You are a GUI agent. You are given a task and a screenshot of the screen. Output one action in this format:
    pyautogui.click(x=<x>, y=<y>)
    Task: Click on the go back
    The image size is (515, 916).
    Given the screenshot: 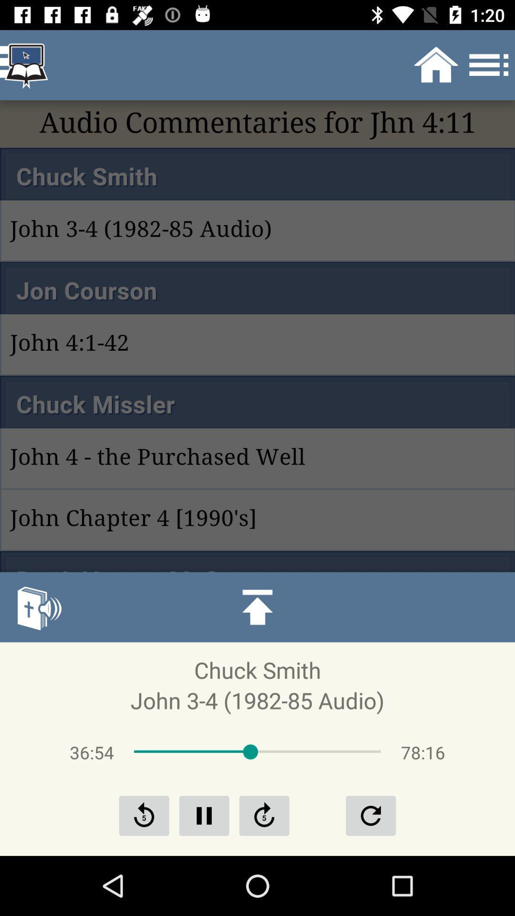 What is the action you would take?
    pyautogui.click(x=144, y=815)
    